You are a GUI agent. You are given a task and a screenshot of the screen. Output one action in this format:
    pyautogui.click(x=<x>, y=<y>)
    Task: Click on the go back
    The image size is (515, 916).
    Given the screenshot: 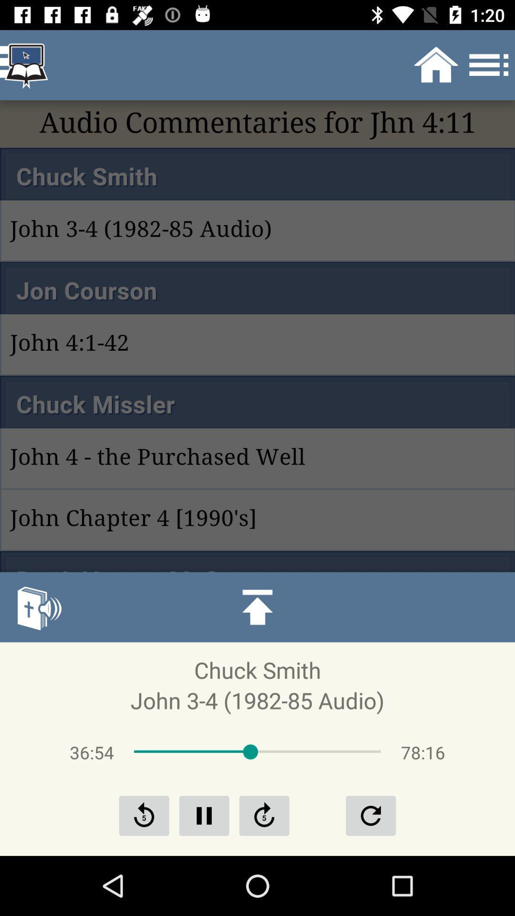 What is the action you would take?
    pyautogui.click(x=144, y=815)
    